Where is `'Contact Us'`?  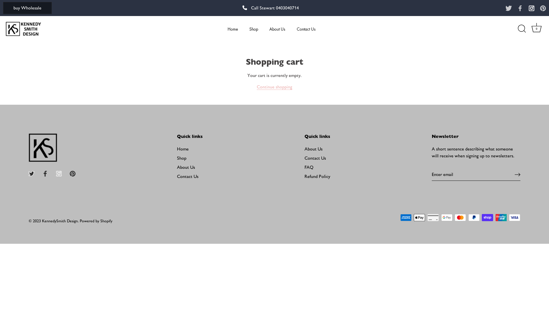
'Contact Us' is located at coordinates (188, 176).